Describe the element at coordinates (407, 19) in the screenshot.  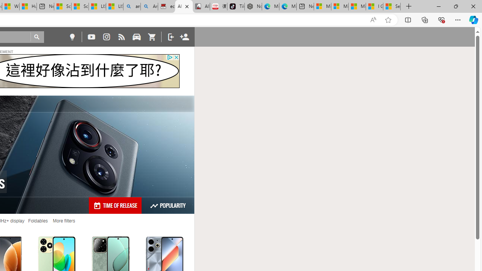
I see `'Split screen'` at that location.